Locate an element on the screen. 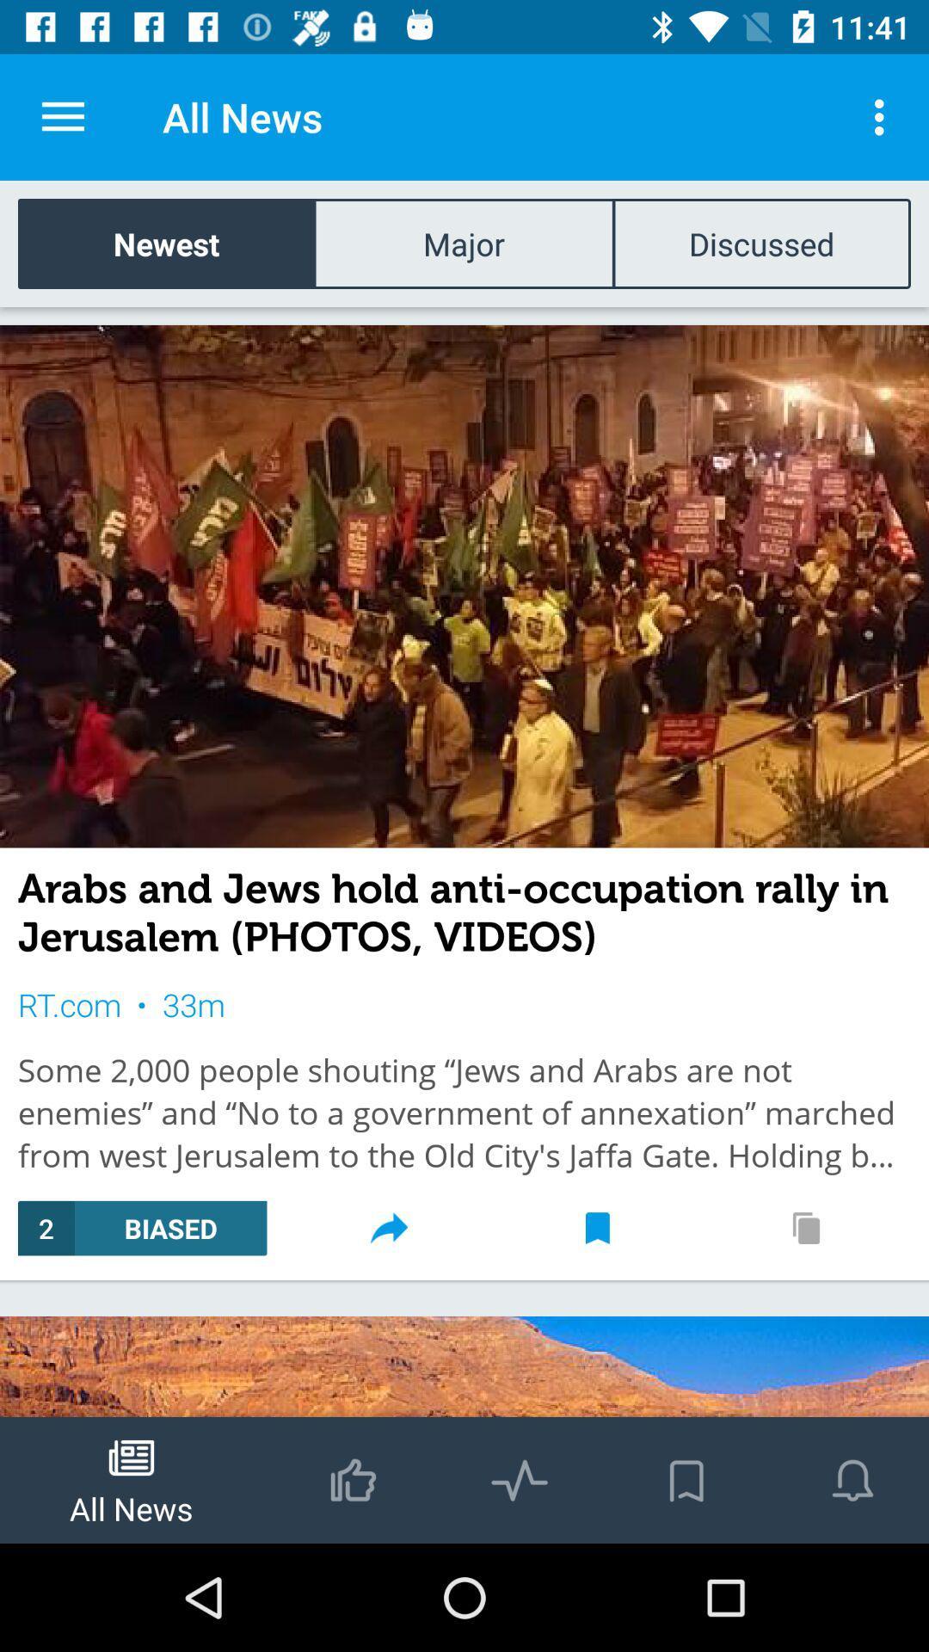  the item to the right of newest icon is located at coordinates (463, 243).